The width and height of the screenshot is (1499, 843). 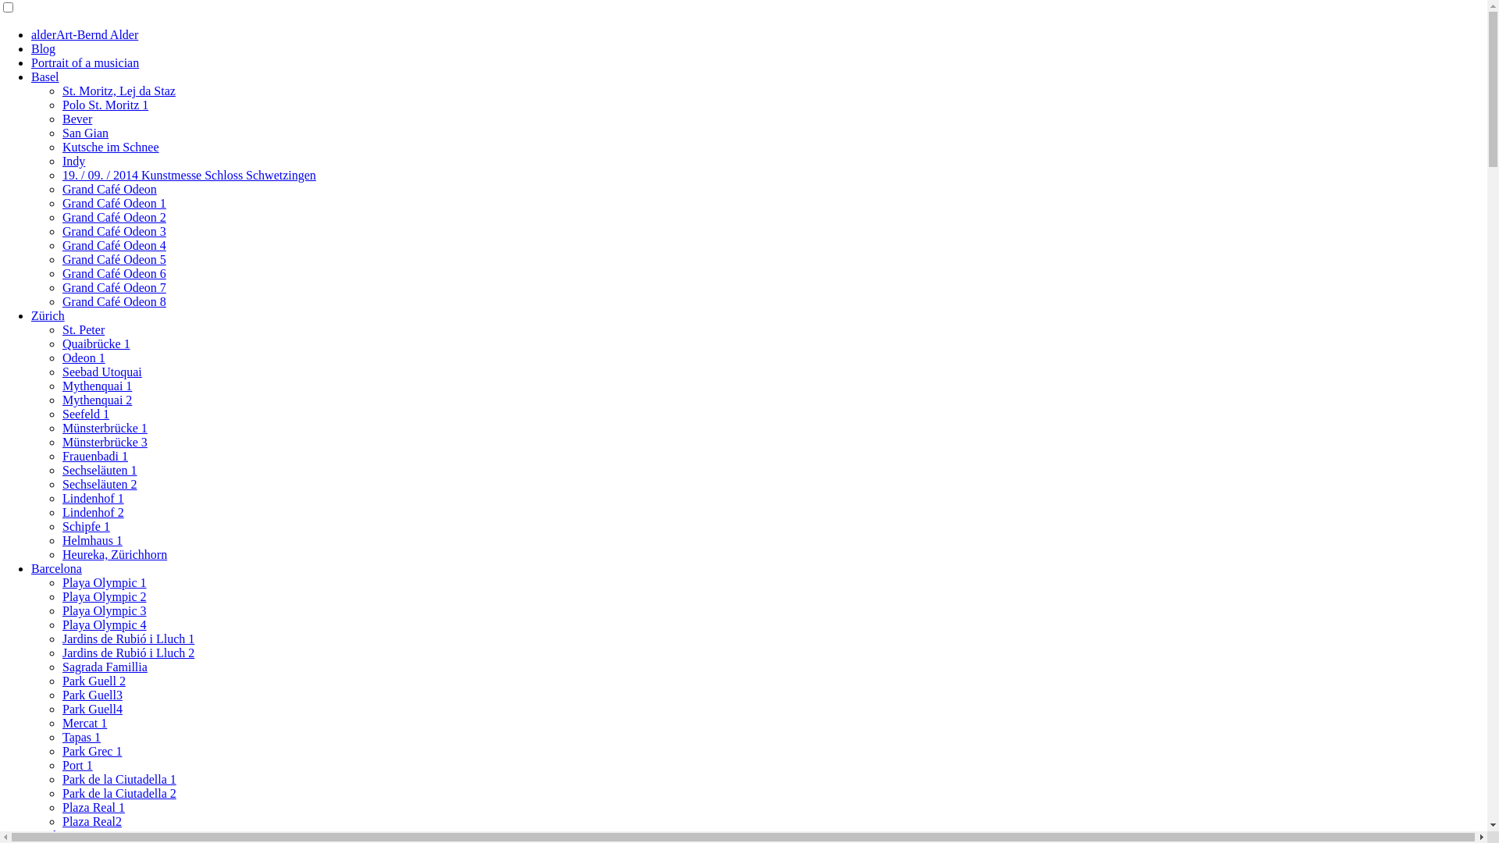 I want to click on 'Bever', so click(x=77, y=118).